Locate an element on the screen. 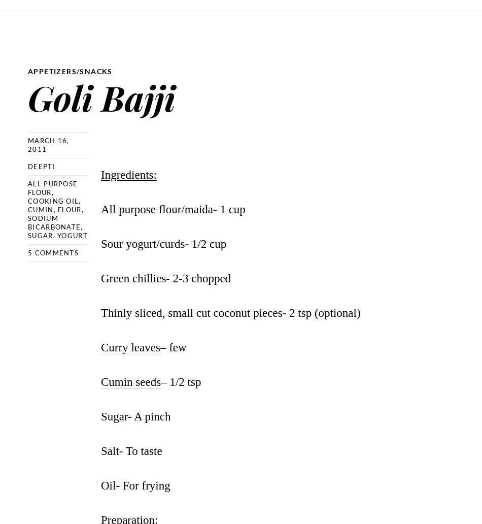 The height and width of the screenshot is (524, 482). 'Thinly sliced, small cut coconut pieces- 2 tsp (optional)' is located at coordinates (101, 313).